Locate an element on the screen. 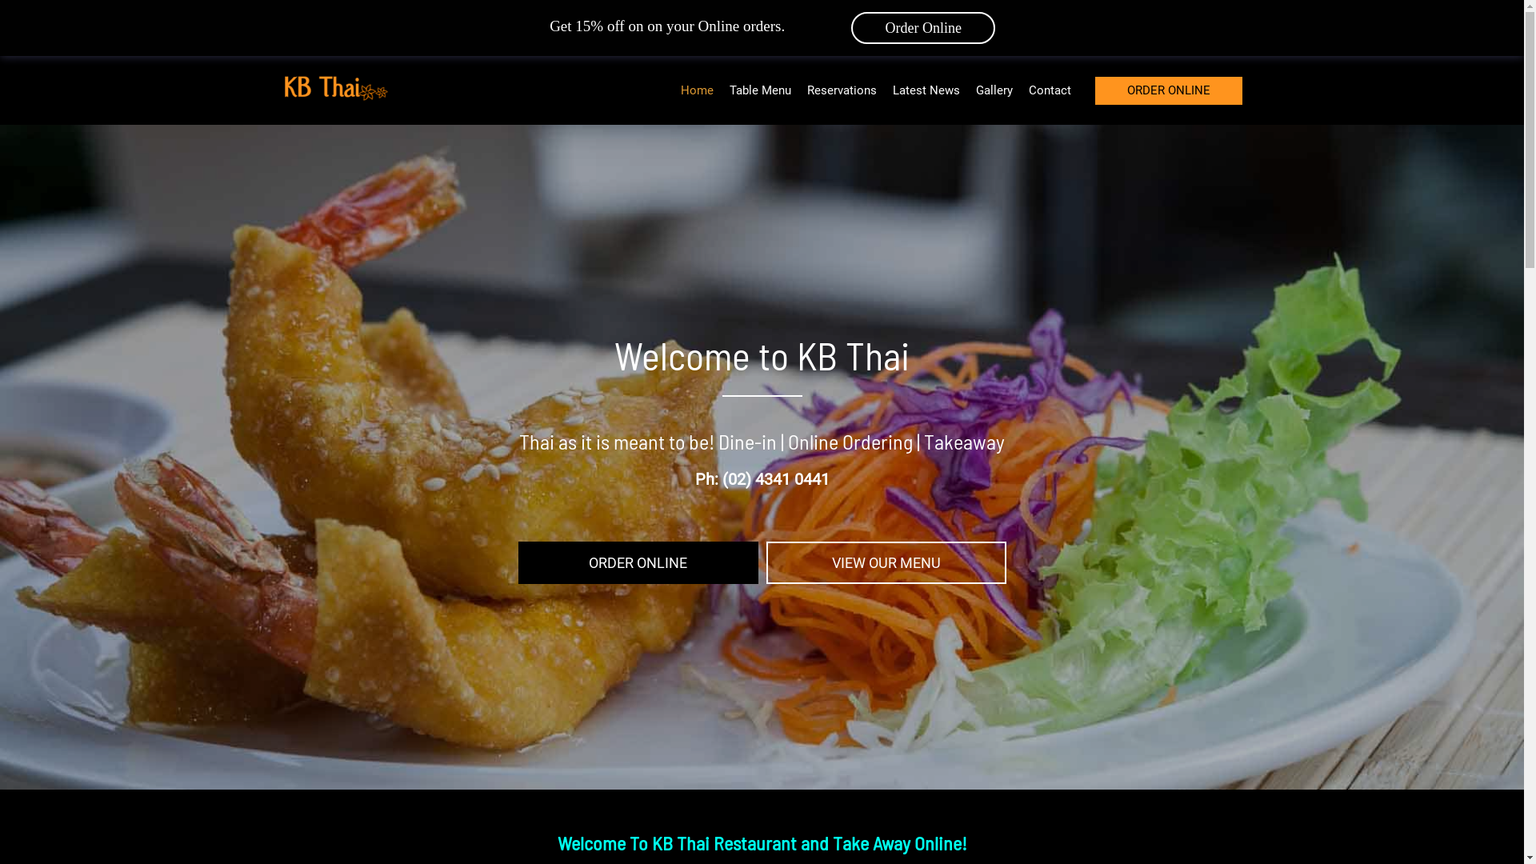  'ORDER ONLINE' is located at coordinates (1167, 90).